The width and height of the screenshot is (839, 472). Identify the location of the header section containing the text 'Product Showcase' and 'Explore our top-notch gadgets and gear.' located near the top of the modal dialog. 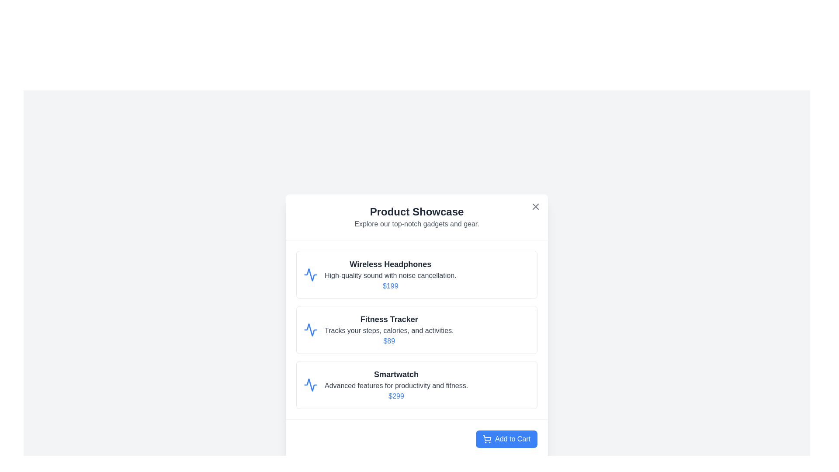
(416, 217).